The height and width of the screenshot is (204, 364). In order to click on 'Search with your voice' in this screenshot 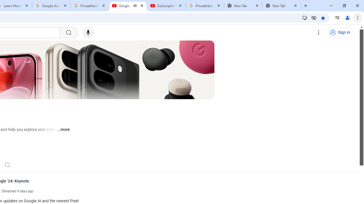, I will do `click(88, 33)`.